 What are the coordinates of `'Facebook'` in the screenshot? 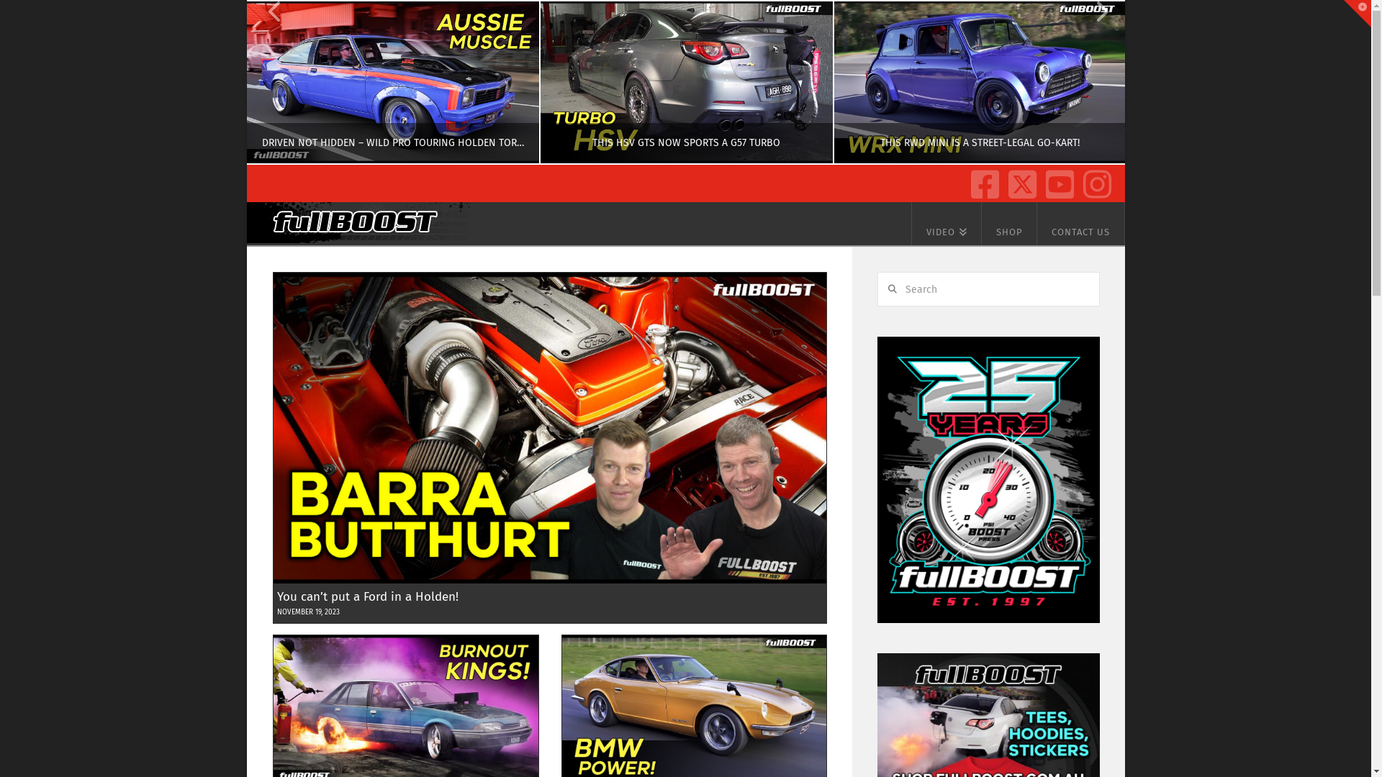 It's located at (980, 179).